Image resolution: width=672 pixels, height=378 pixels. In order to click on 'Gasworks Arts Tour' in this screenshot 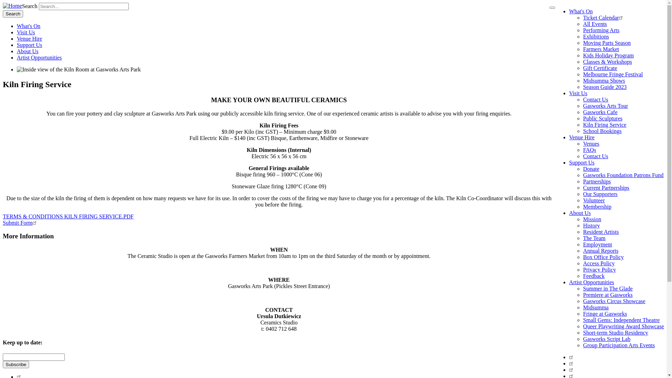, I will do `click(605, 106)`.